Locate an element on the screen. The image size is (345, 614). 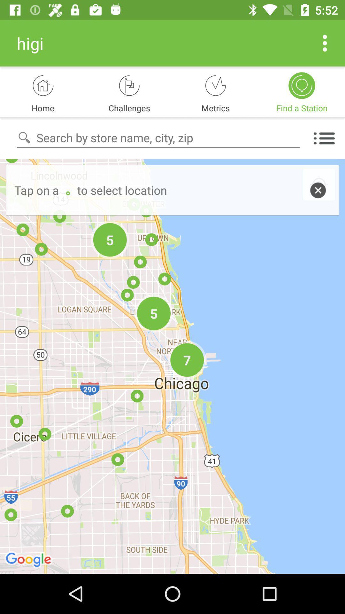
the fourth option which is right side of metrics is located at coordinates (302, 85).